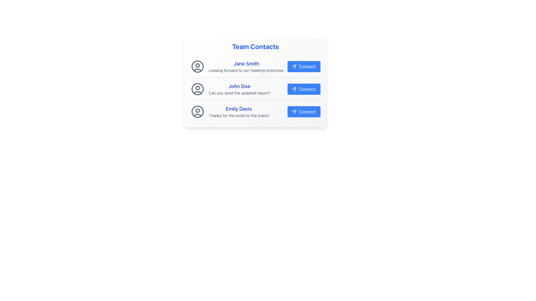  Describe the element at coordinates (294, 66) in the screenshot. I see `the decorative icon in the 'Connect' button associated with 'Jane Smith', which is located to the left of the text 'Connect'` at that location.